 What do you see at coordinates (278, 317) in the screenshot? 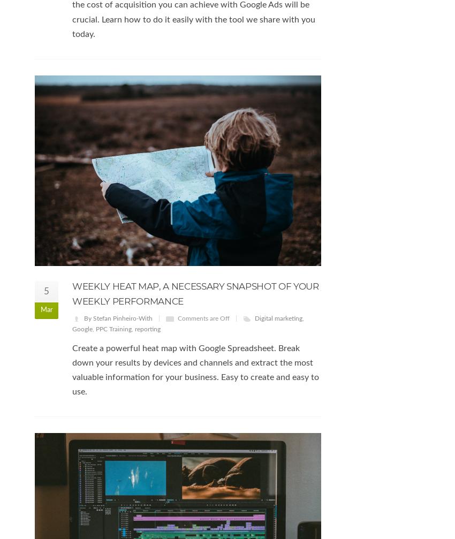
I see `'Digital marketing'` at bounding box center [278, 317].